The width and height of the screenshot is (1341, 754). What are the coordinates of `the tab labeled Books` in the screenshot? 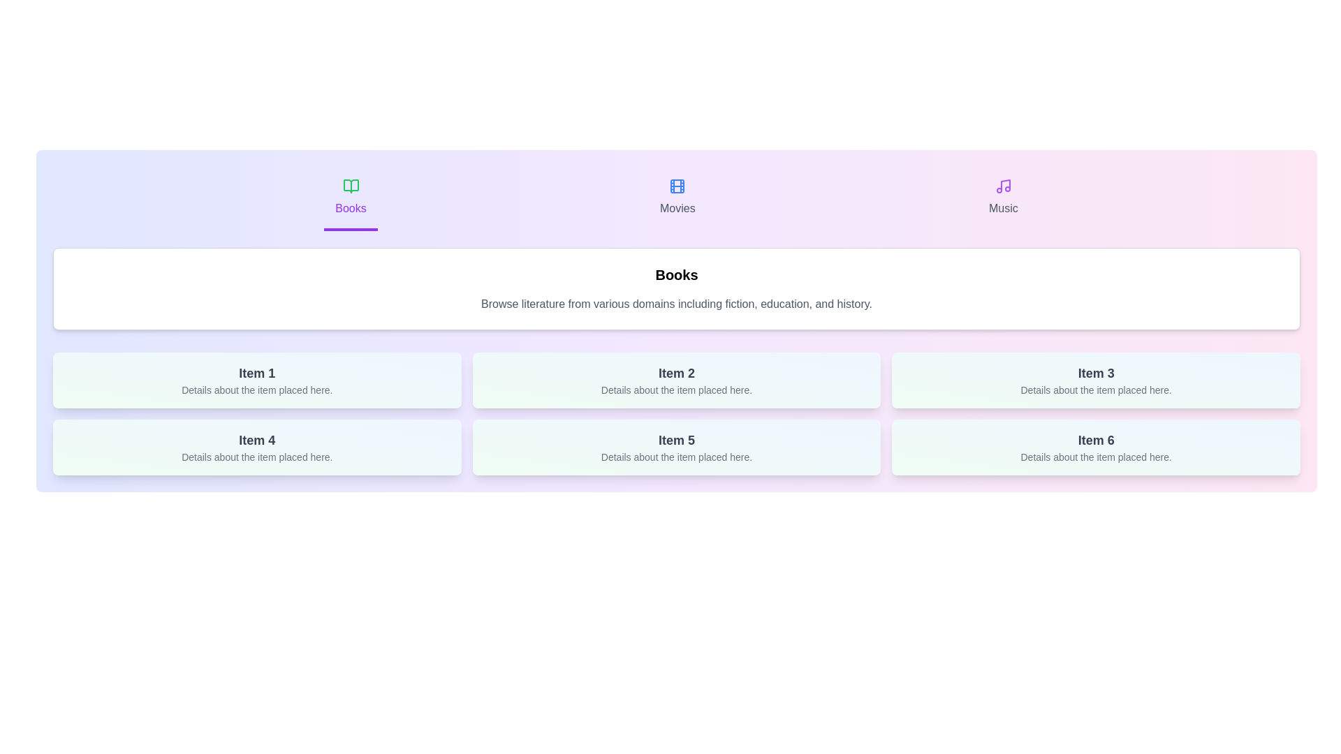 It's located at (351, 199).